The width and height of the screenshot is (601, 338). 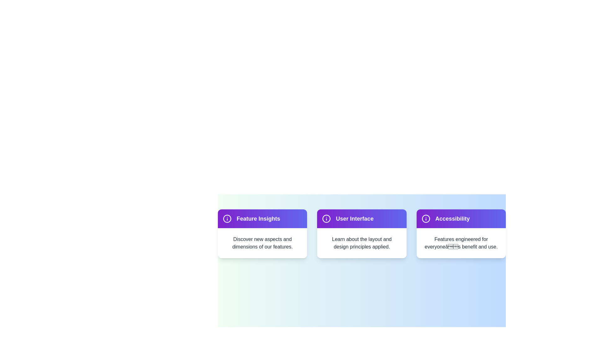 I want to click on text from the Text Label element that displays 'Learn about the layout and design principles applied.', so click(x=362, y=243).